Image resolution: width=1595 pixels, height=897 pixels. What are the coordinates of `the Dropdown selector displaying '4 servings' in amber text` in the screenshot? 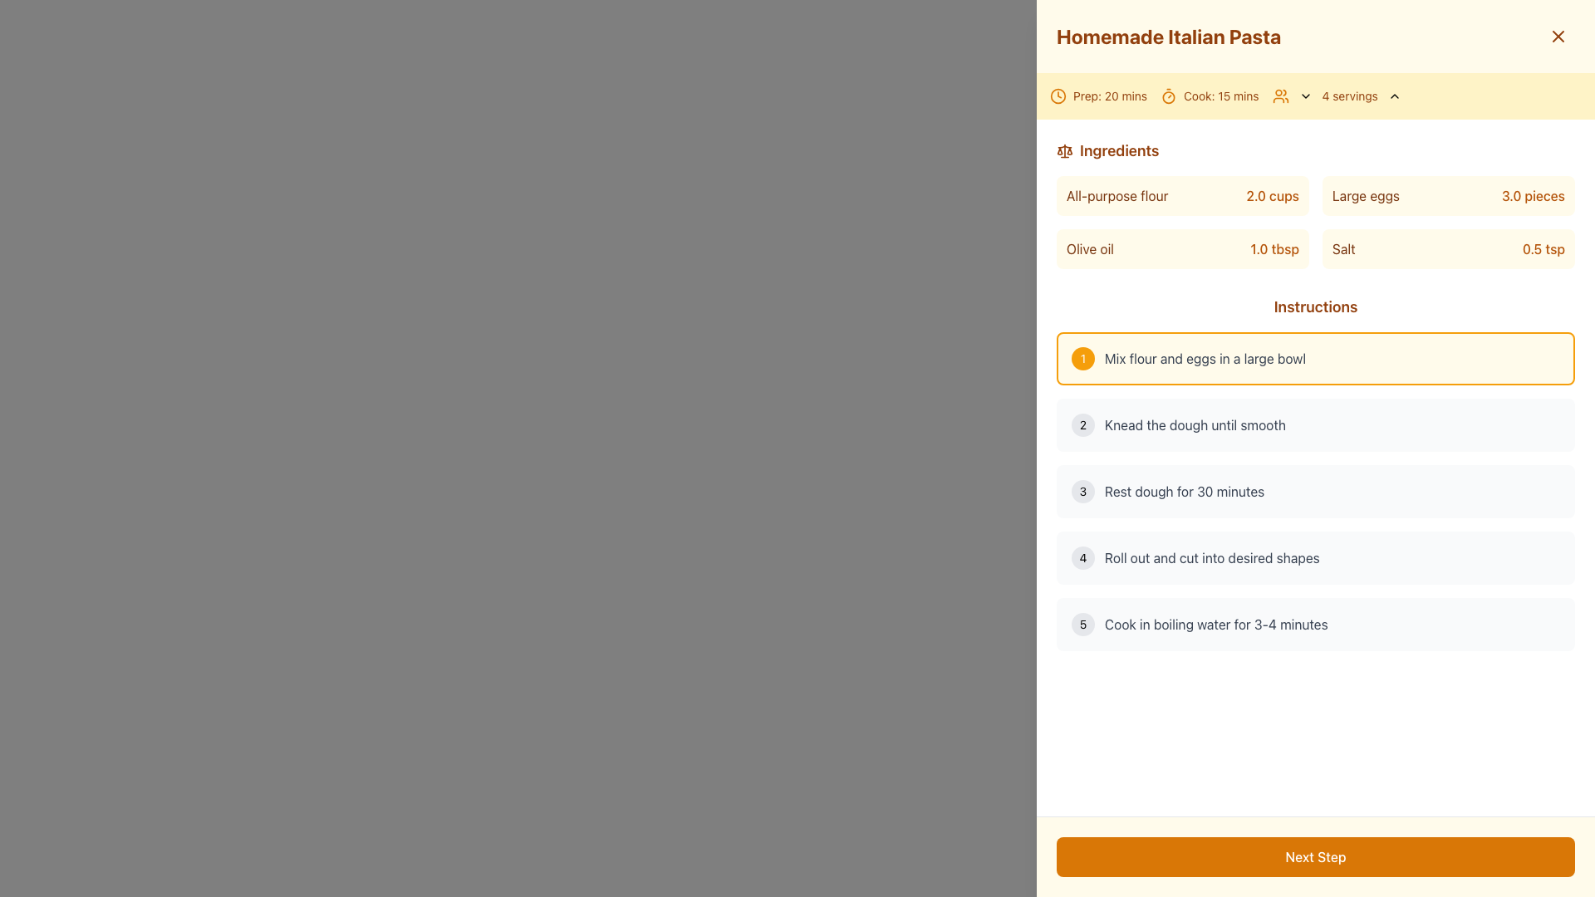 It's located at (1350, 96).